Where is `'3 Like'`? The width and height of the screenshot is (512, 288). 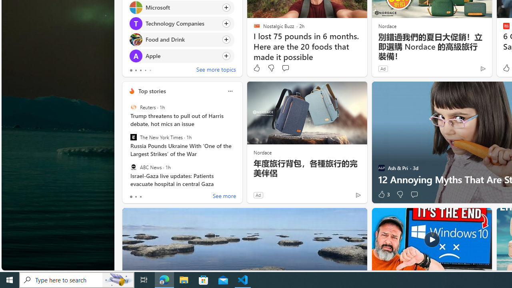
'3 Like' is located at coordinates (383, 194).